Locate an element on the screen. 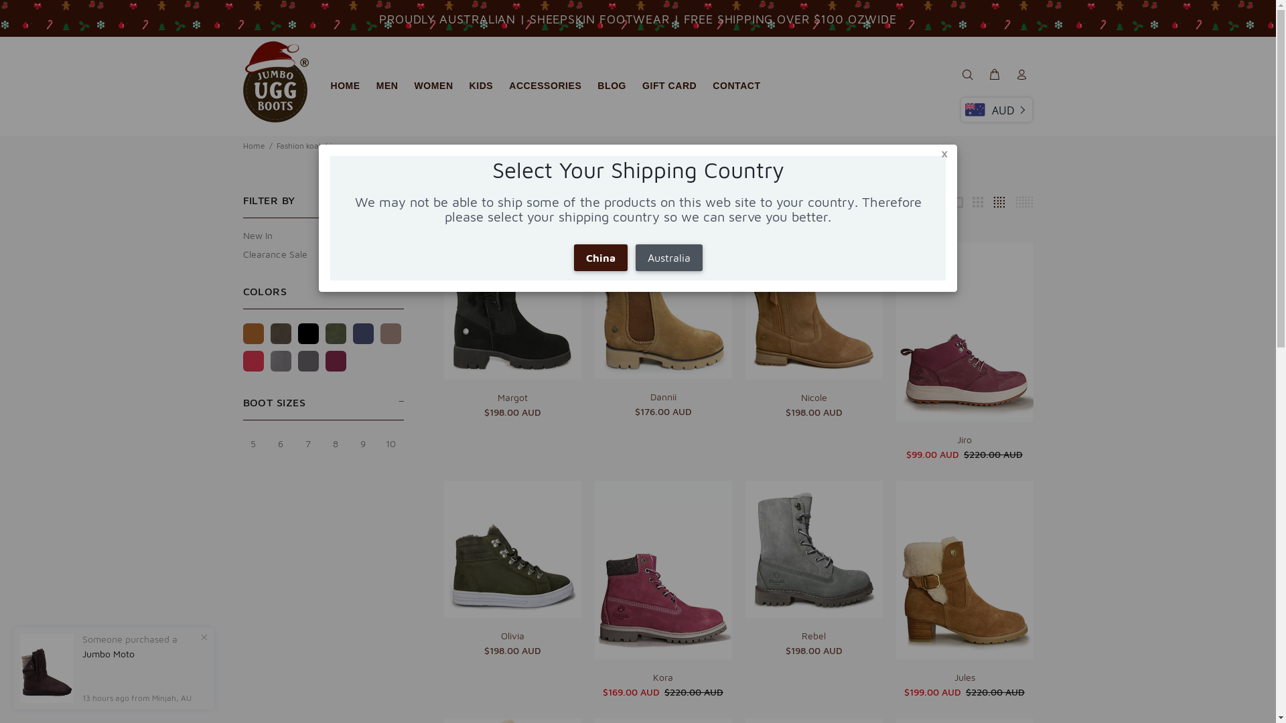 This screenshot has height=723, width=1286. '9' is located at coordinates (352, 444).